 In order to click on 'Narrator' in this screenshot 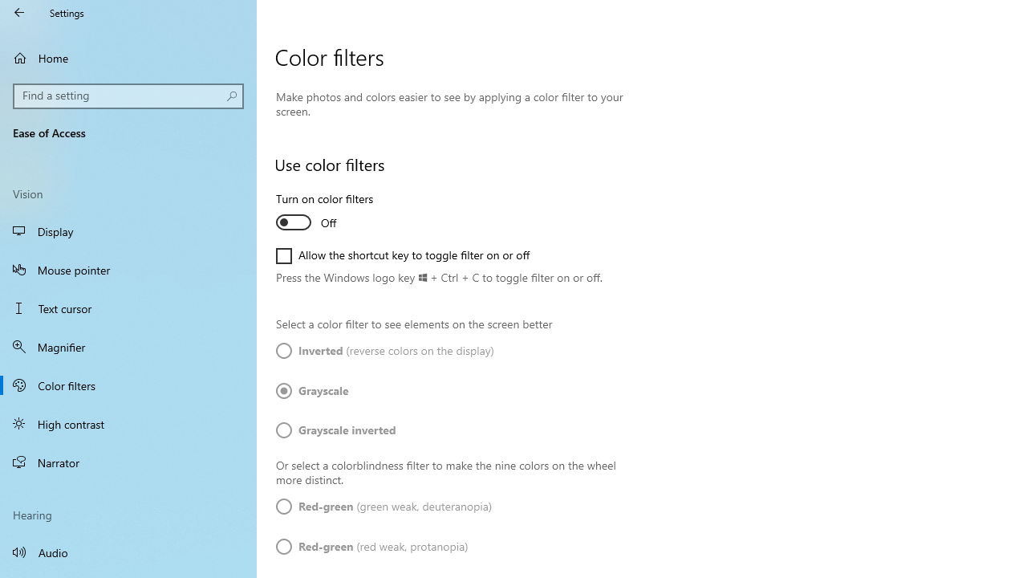, I will do `click(128, 462)`.